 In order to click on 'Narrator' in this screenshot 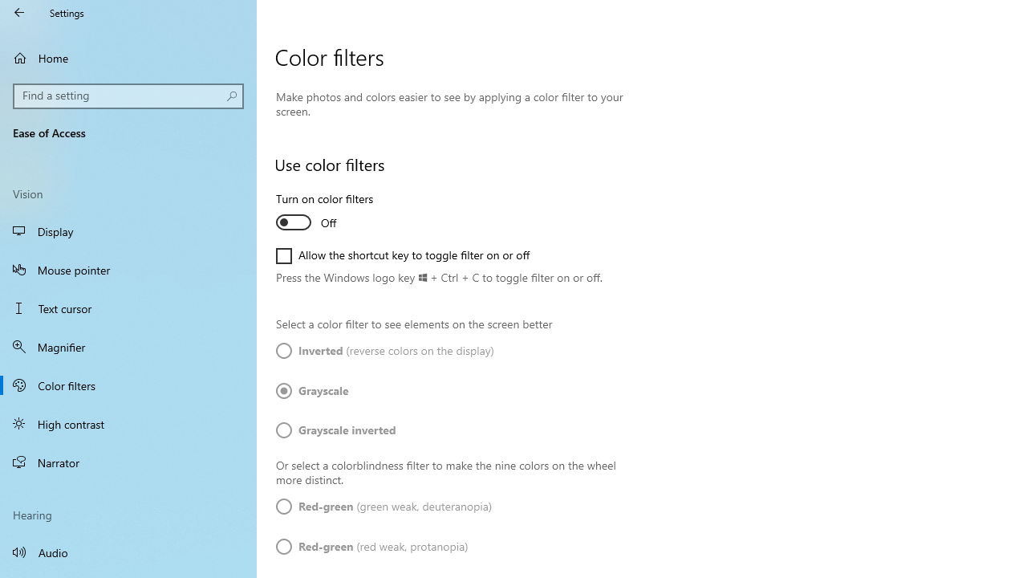, I will do `click(128, 462)`.